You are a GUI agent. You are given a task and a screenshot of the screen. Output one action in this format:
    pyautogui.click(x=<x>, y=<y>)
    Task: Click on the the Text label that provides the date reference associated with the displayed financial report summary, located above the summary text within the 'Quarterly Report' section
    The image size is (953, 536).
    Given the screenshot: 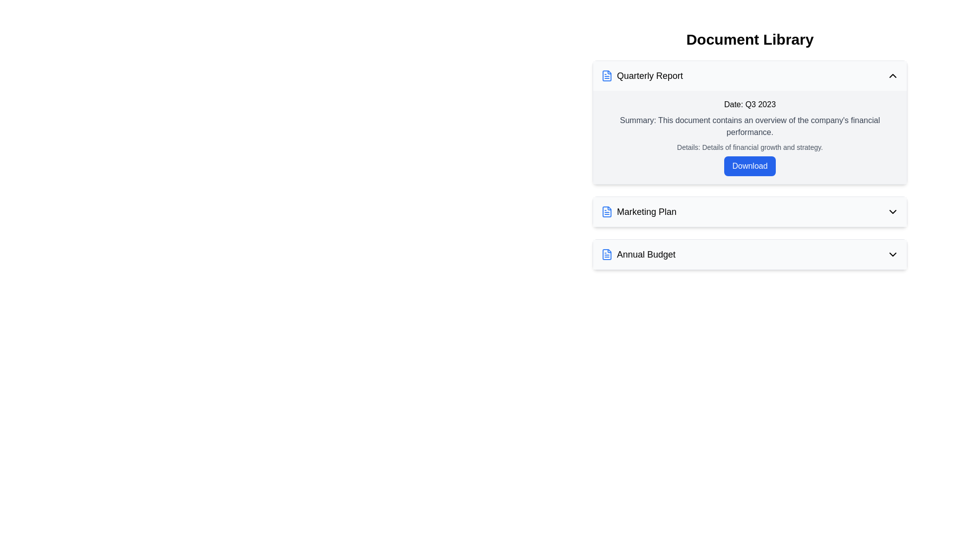 What is the action you would take?
    pyautogui.click(x=750, y=105)
    